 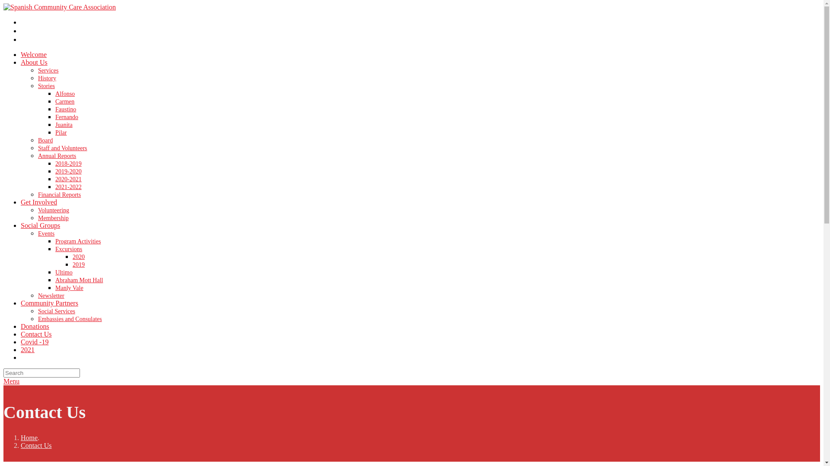 I want to click on 'Newsletter', so click(x=51, y=295).